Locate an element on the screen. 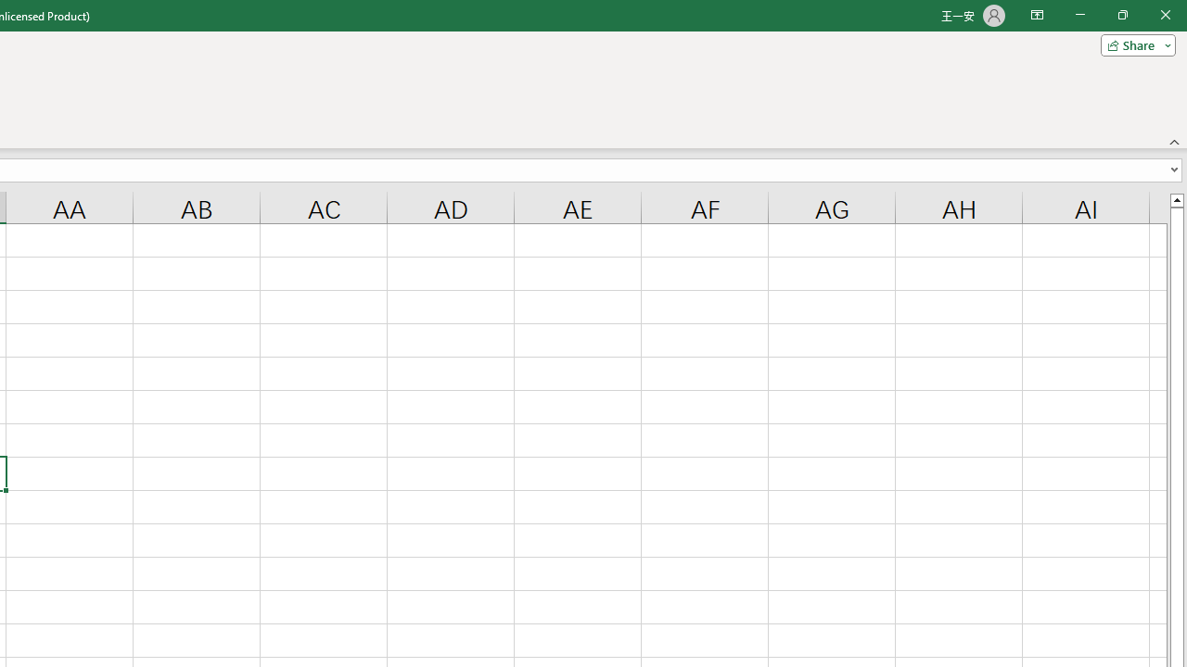 This screenshot has height=667, width=1187. 'Close' is located at coordinates (1164, 15).